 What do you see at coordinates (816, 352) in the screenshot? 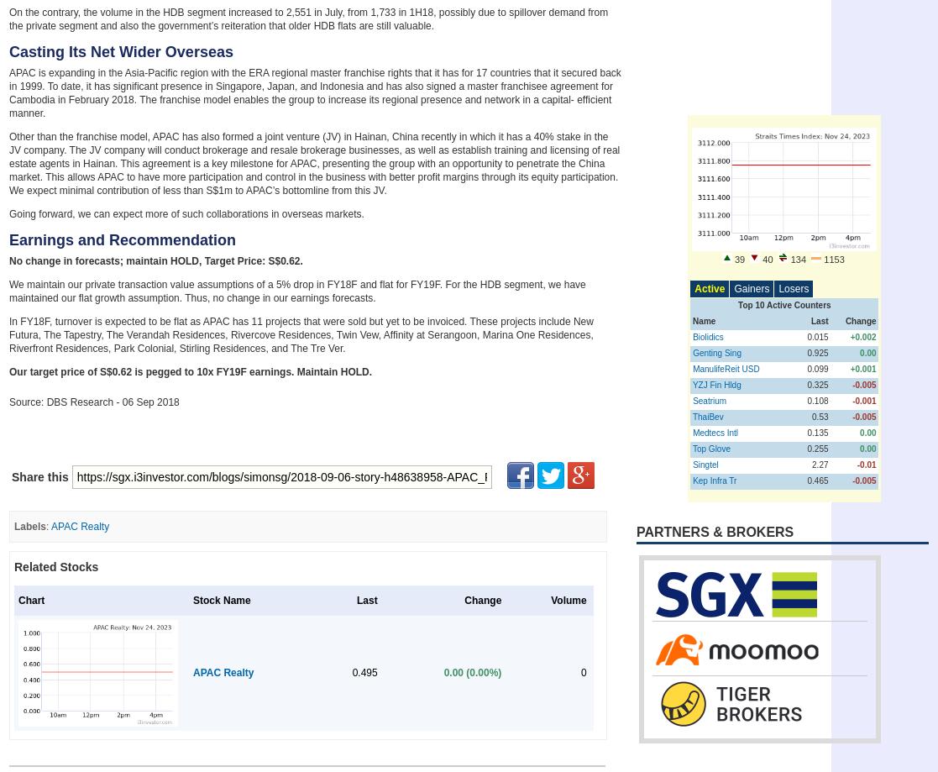
I see `'0.925'` at bounding box center [816, 352].